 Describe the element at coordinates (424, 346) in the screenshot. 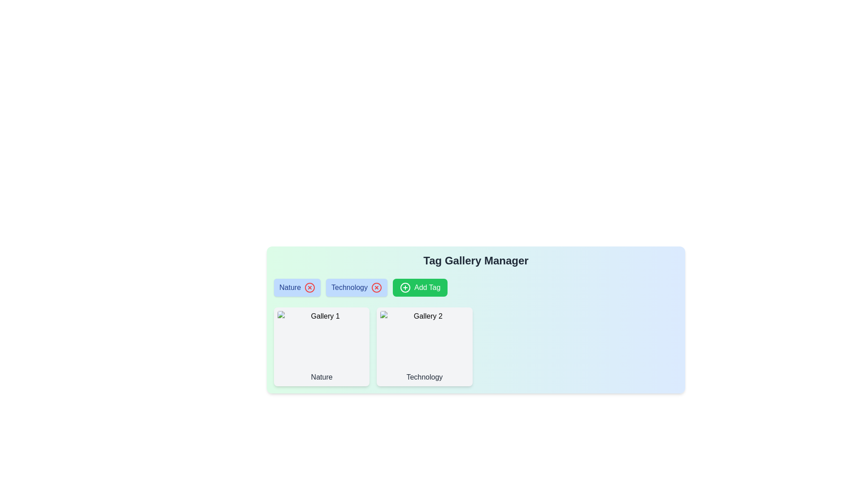

I see `the 'Technology' category card in the 'Tag Gallery Manager' section, which is the second card in a grid layout, positioned to the right of the 'Nature' card` at that location.